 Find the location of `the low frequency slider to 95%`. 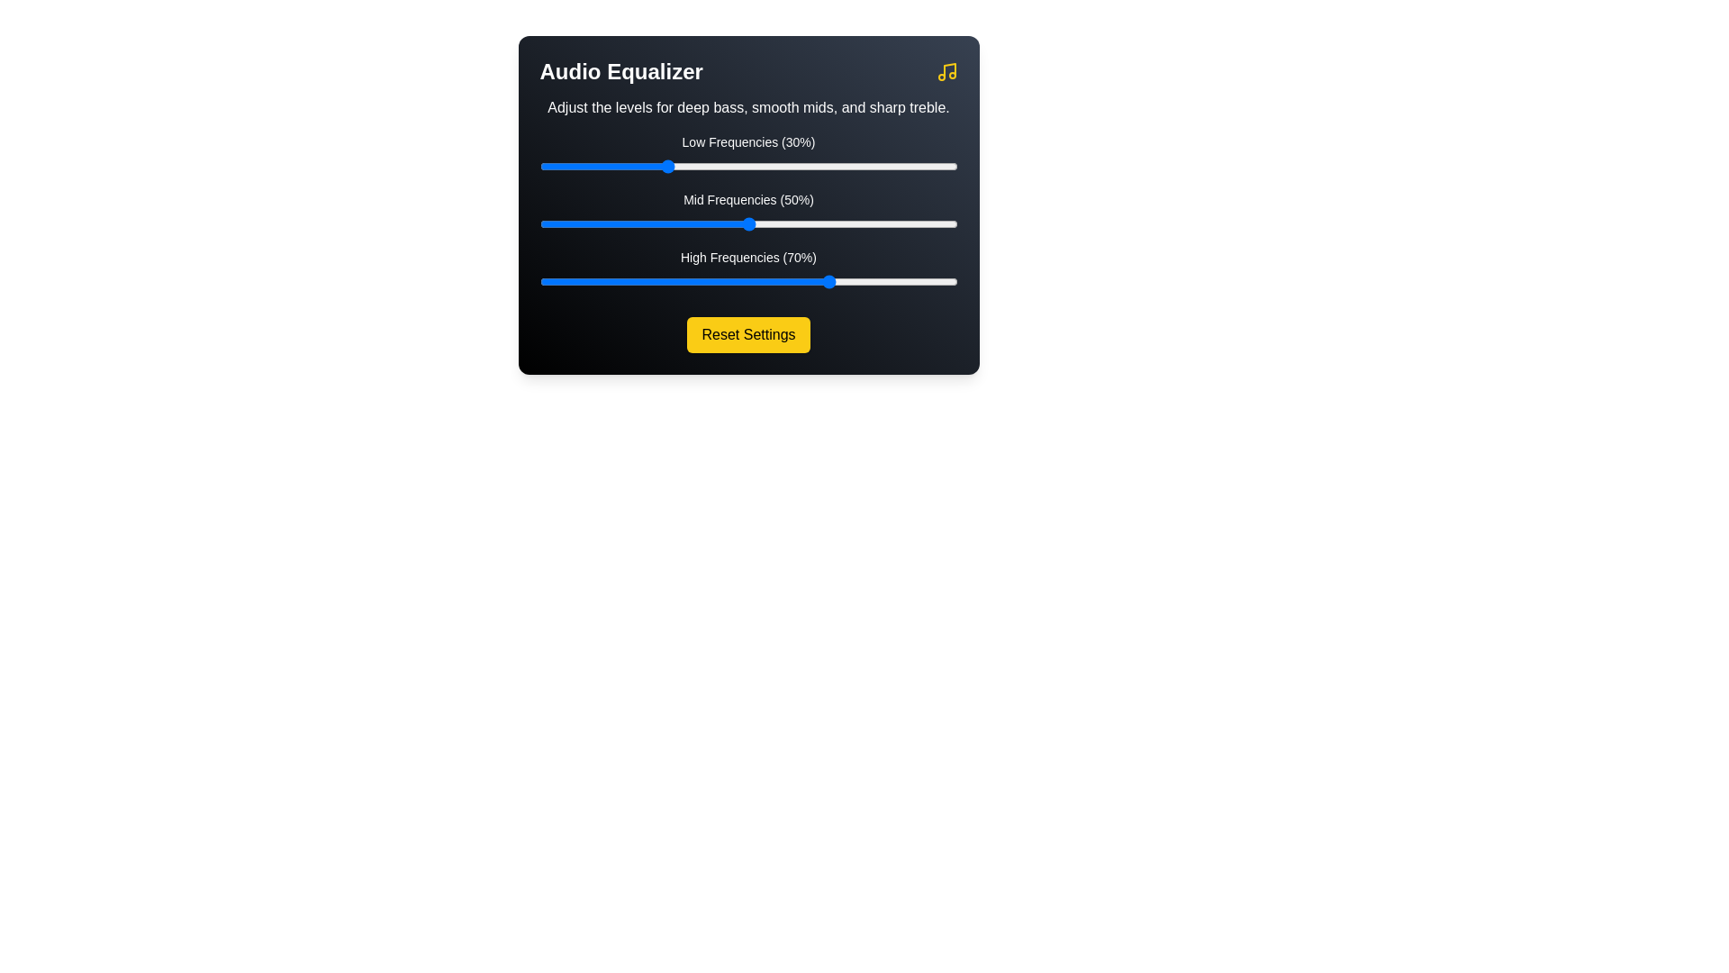

the low frequency slider to 95% is located at coordinates (937, 167).